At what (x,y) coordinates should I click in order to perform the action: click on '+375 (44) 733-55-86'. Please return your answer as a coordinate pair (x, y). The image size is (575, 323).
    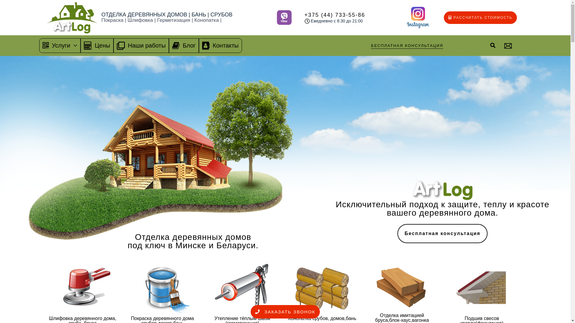
    Looking at the image, I should click on (335, 15).